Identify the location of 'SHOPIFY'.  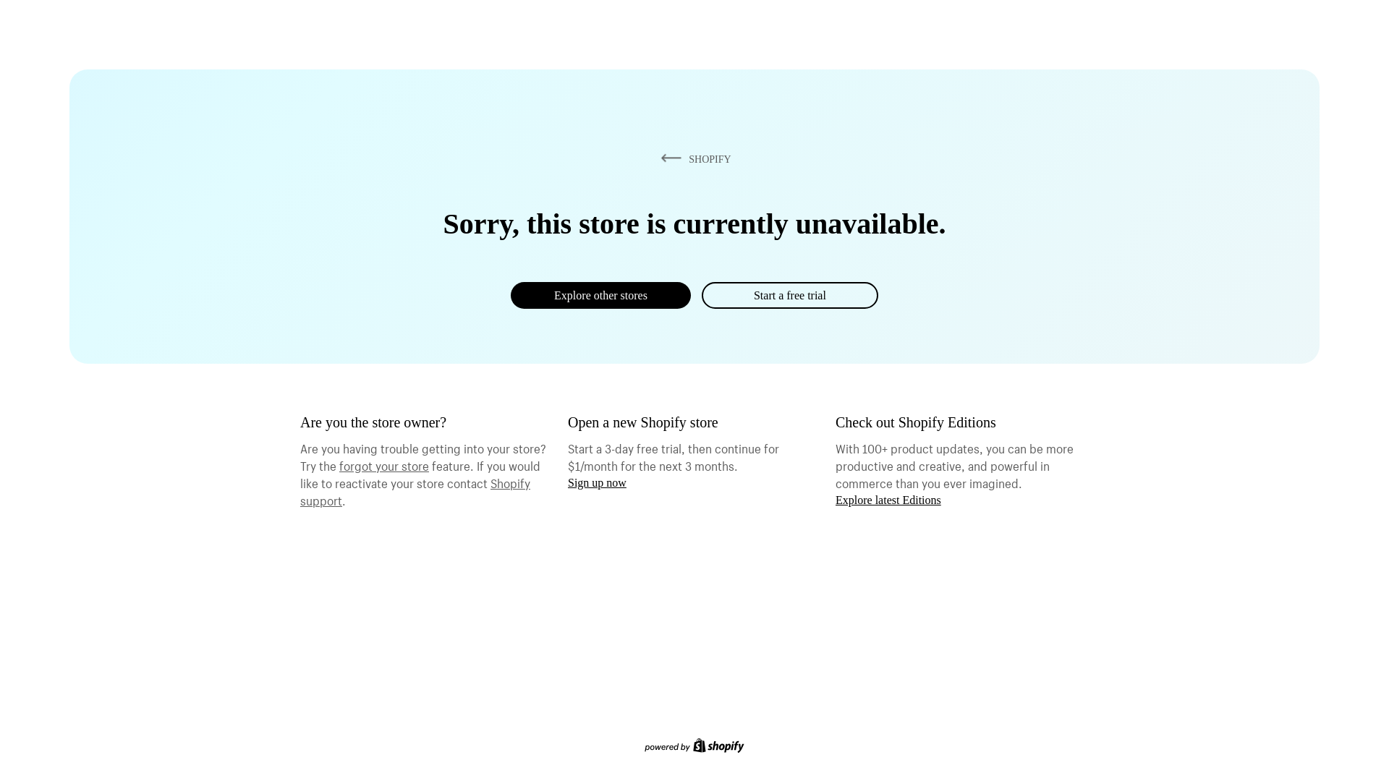
(693, 158).